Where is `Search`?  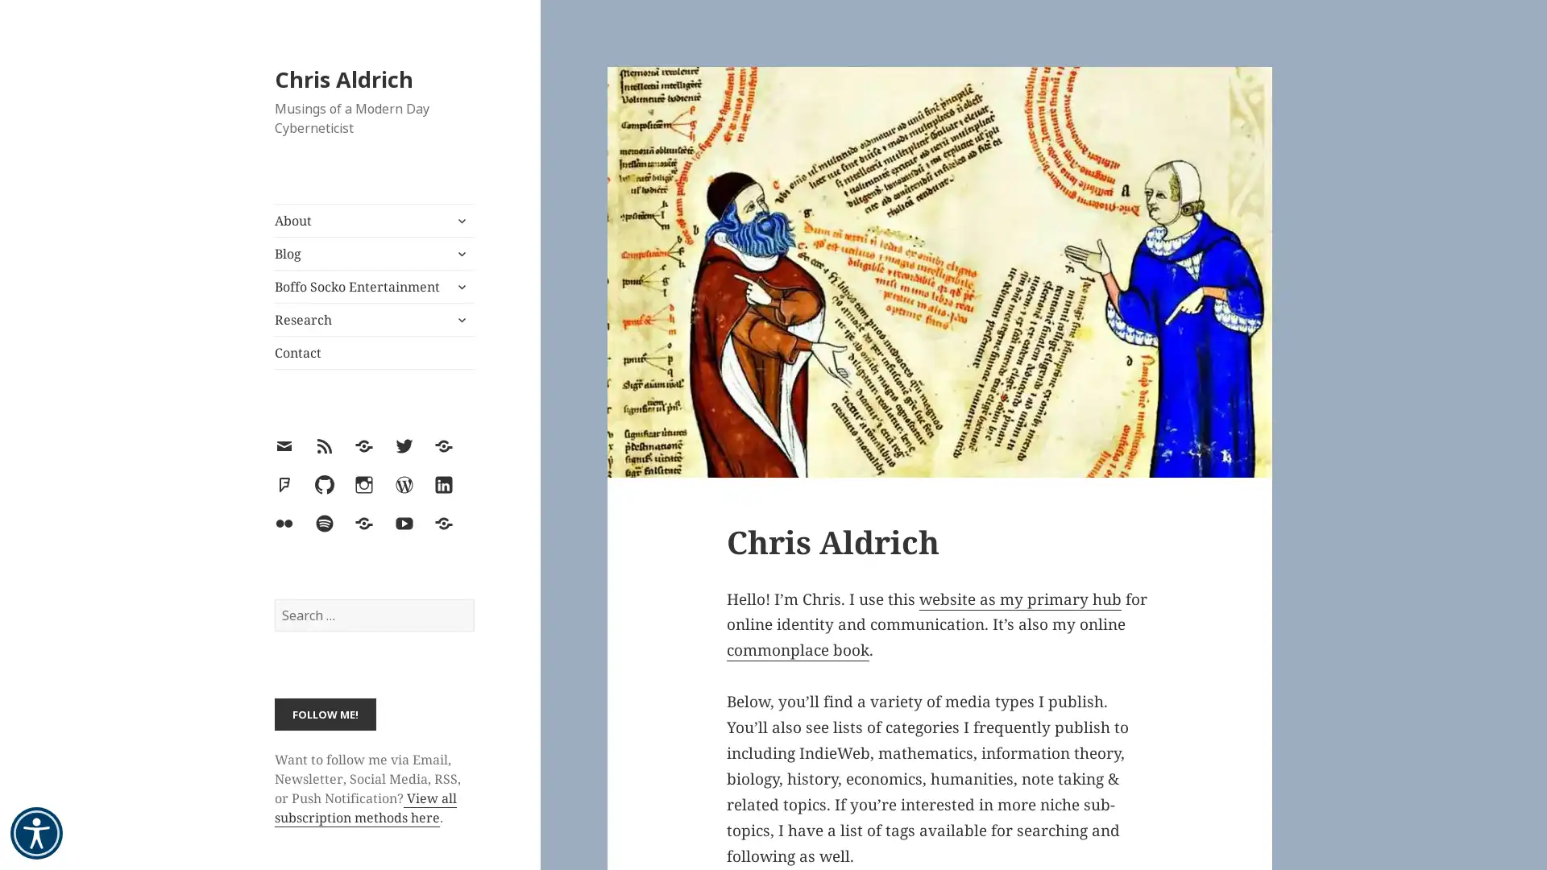 Search is located at coordinates (472, 599).